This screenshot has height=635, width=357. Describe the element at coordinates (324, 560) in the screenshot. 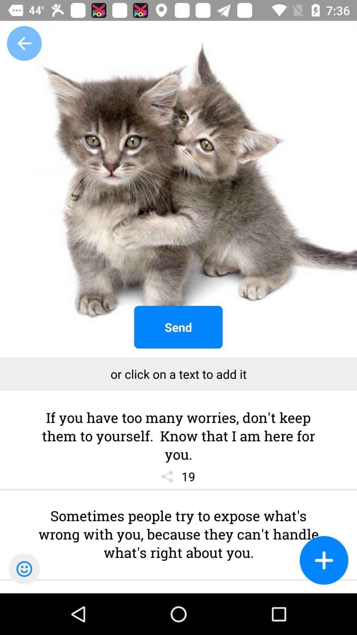

I see `the add icon` at that location.